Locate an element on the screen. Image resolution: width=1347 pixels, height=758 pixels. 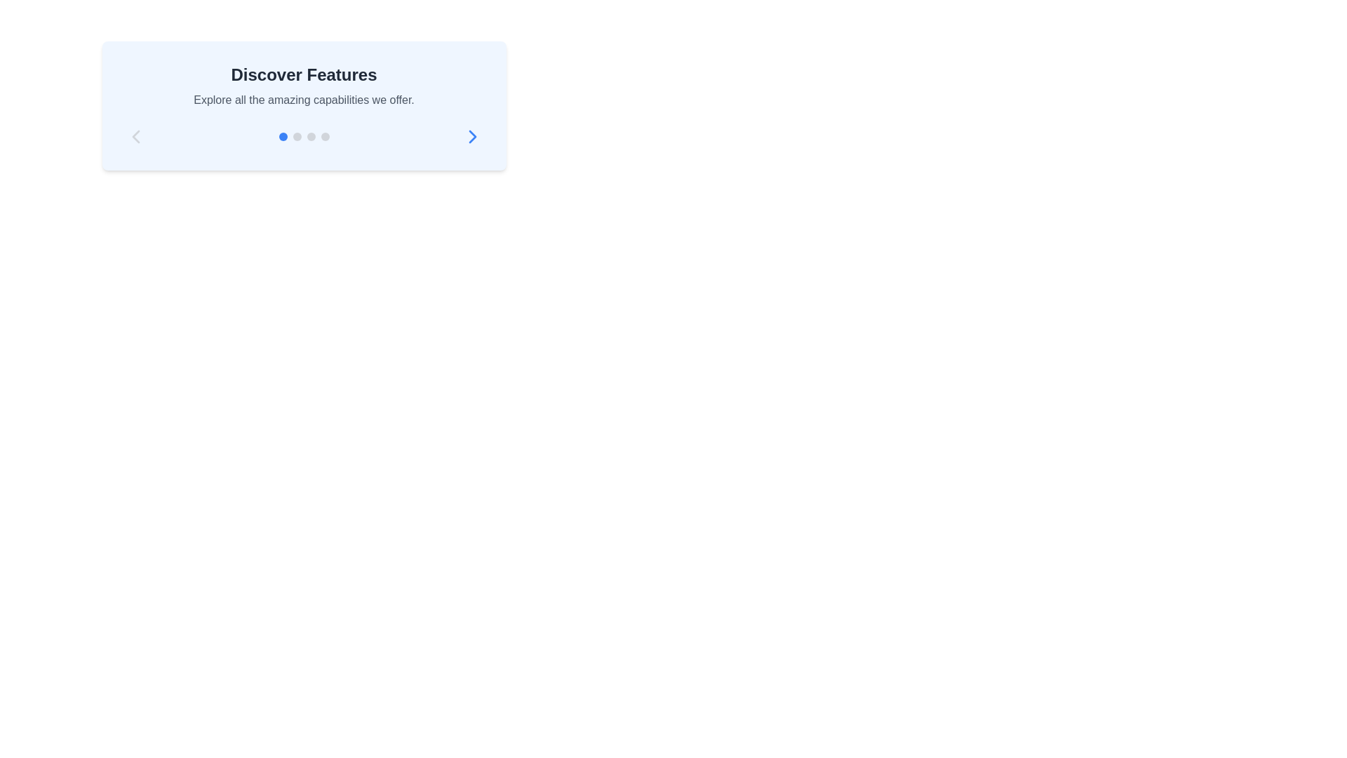
the active state of the Indicator Group consisting of four circular dots, where the first dot is blue indicating activeness, centered below the 'Discover Features' header is located at coordinates (303, 137).